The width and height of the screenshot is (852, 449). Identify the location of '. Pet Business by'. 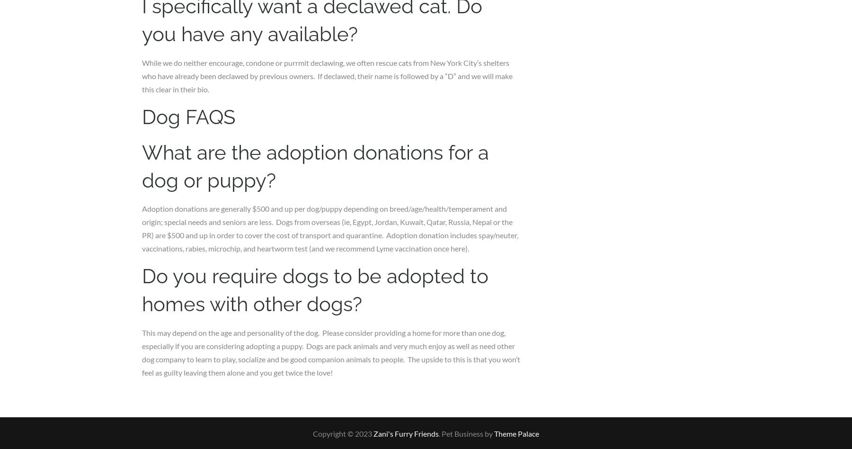
(466, 432).